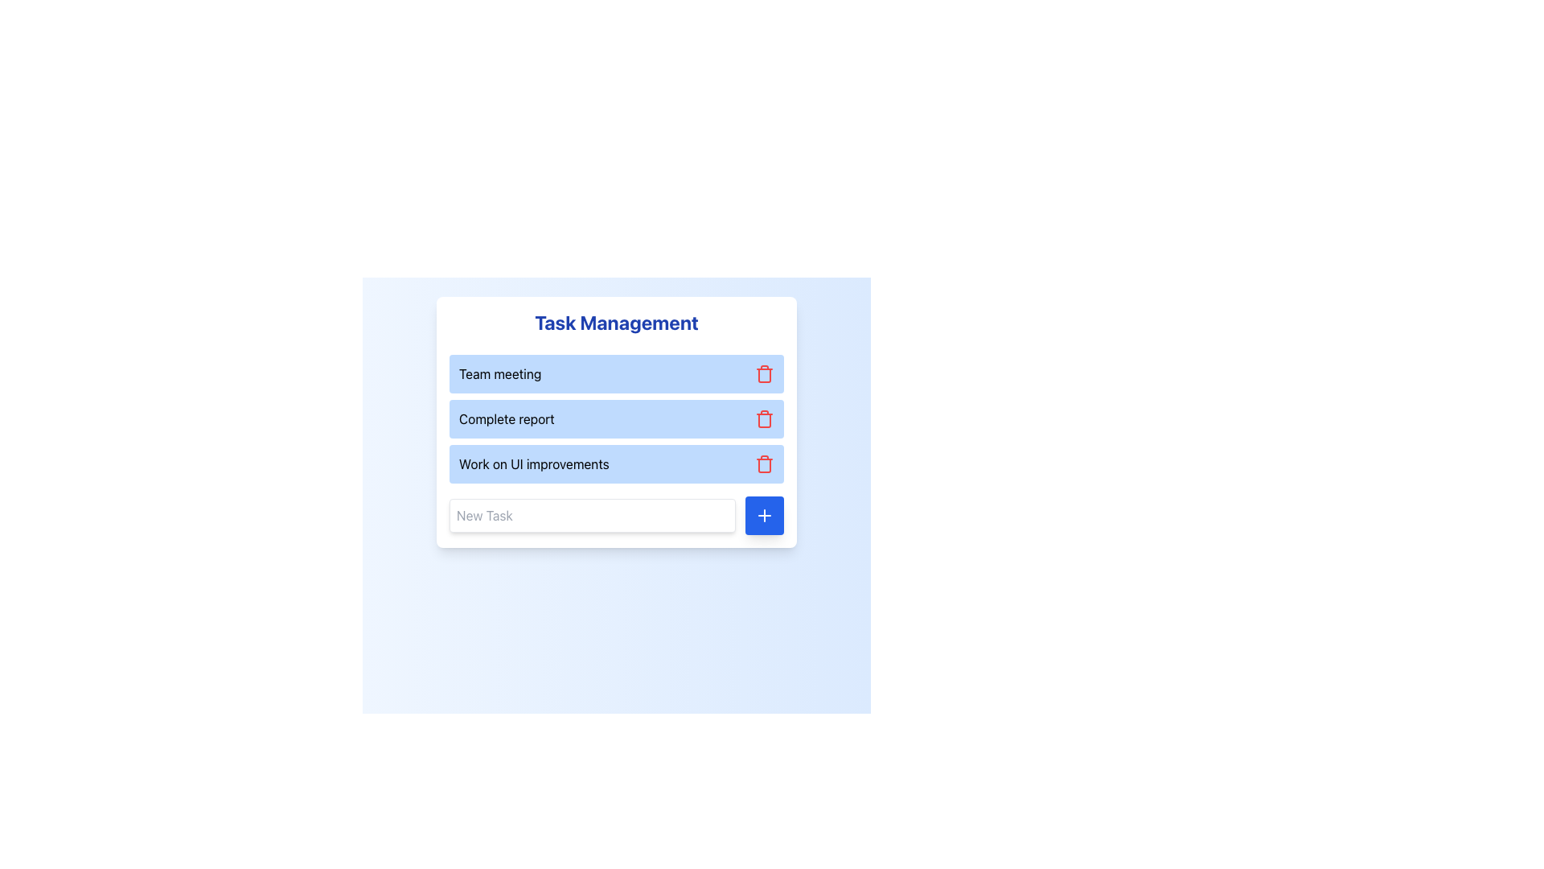  Describe the element at coordinates (499, 374) in the screenshot. I see `the text label displaying 'Team meeting', which is bold and has a dark text color on a light blue background` at that location.